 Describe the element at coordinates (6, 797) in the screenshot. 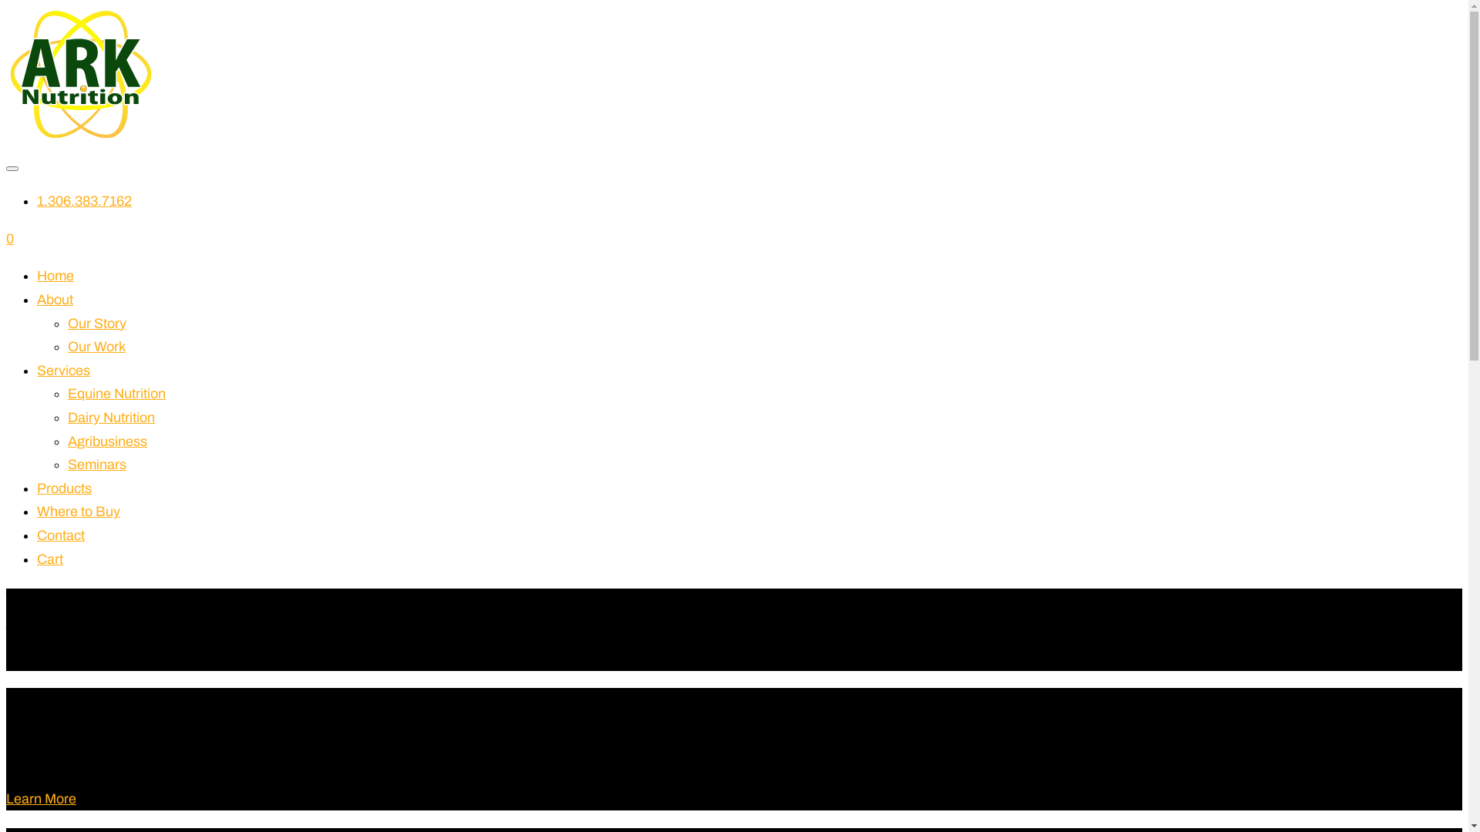

I see `'Learn More'` at that location.